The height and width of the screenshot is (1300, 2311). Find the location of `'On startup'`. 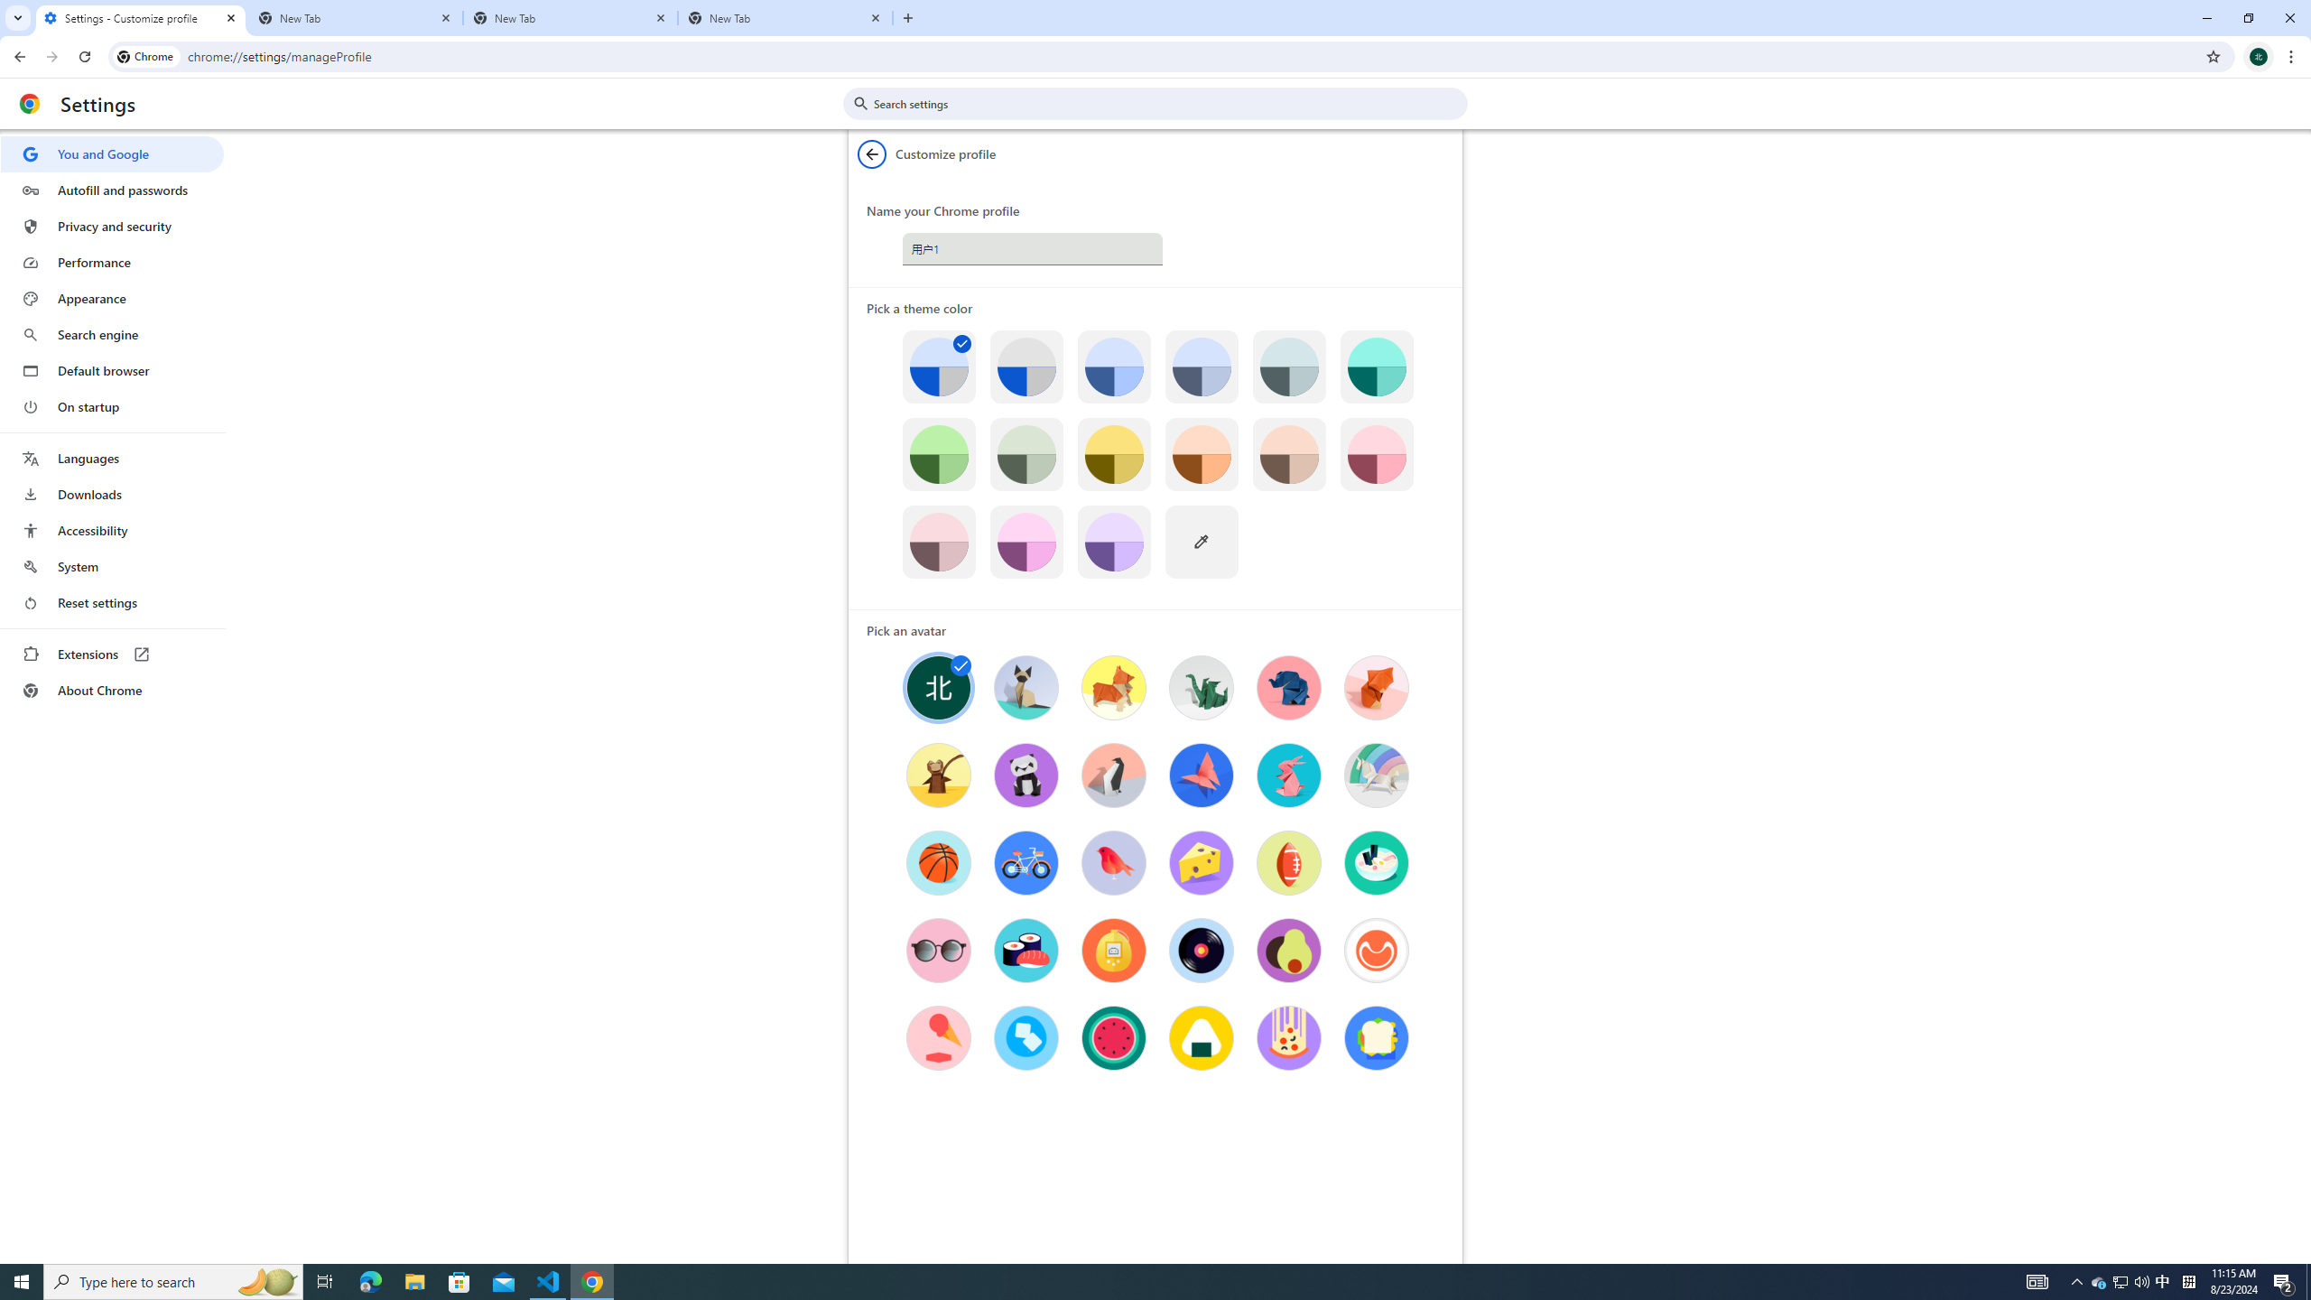

'On startup' is located at coordinates (111, 405).